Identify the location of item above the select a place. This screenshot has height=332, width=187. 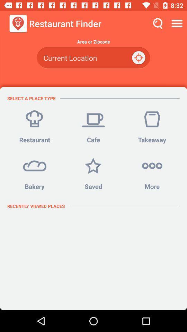
(93, 57).